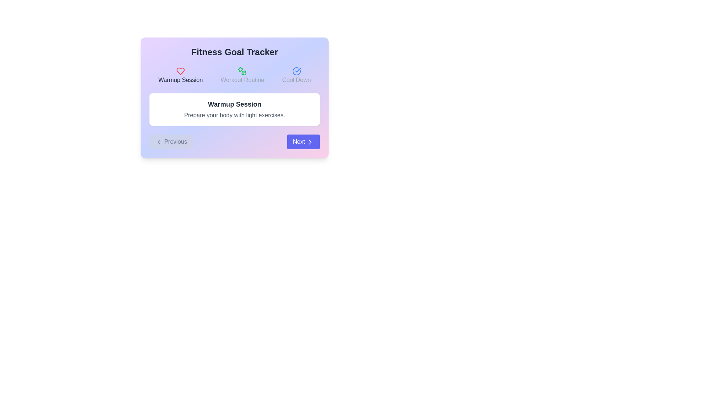 The image size is (705, 397). What do you see at coordinates (171, 142) in the screenshot?
I see `the 'Previous' button located at the bottom left of the 'Fitness Goal Tracker' interface` at bounding box center [171, 142].